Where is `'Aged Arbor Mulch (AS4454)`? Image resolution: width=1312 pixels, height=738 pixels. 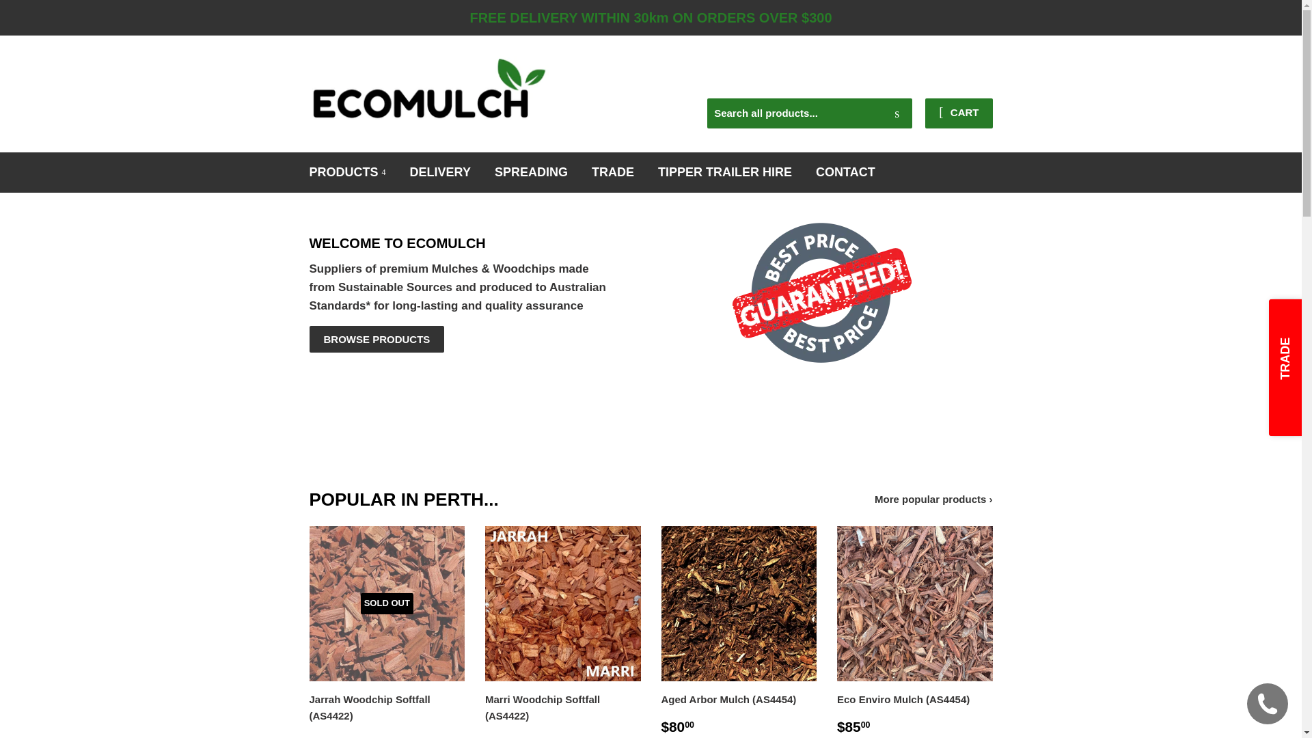
'Aged Arbor Mulch (AS4454) is located at coordinates (738, 631).